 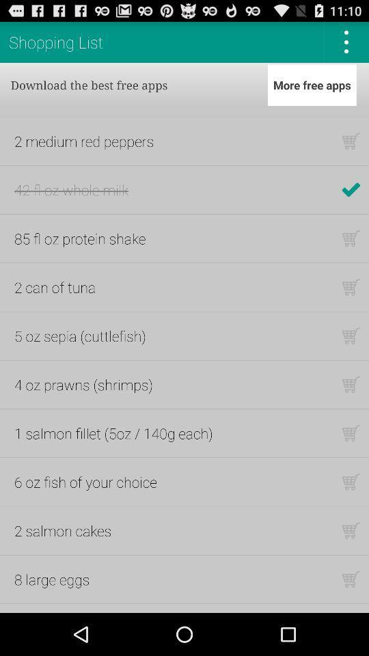 I want to click on the 8 large eggs item, so click(x=51, y=578).